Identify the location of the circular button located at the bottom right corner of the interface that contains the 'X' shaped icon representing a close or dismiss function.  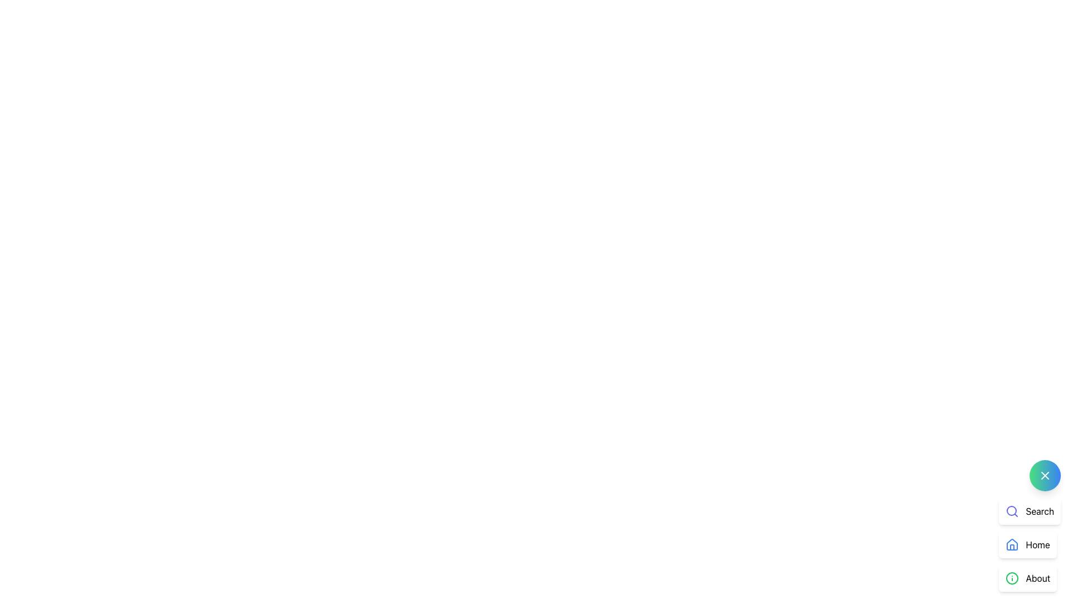
(1045, 476).